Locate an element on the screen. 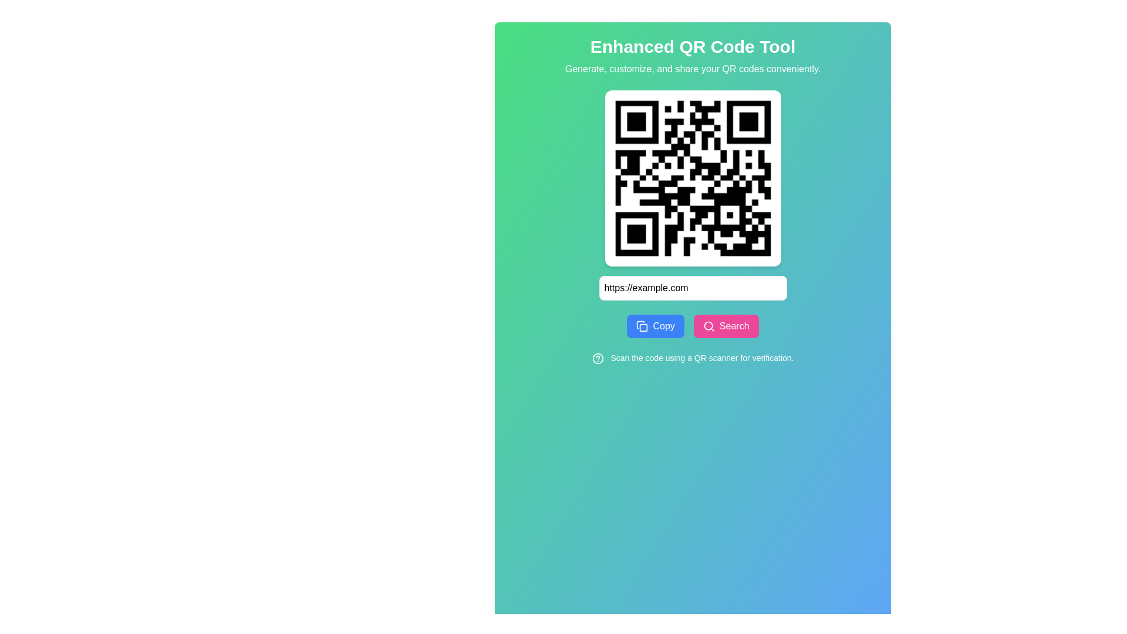 The width and height of the screenshot is (1127, 634). 'Search' button icon located above the footer, which serves as a visual identifier for the search functionality is located at coordinates (708, 326).